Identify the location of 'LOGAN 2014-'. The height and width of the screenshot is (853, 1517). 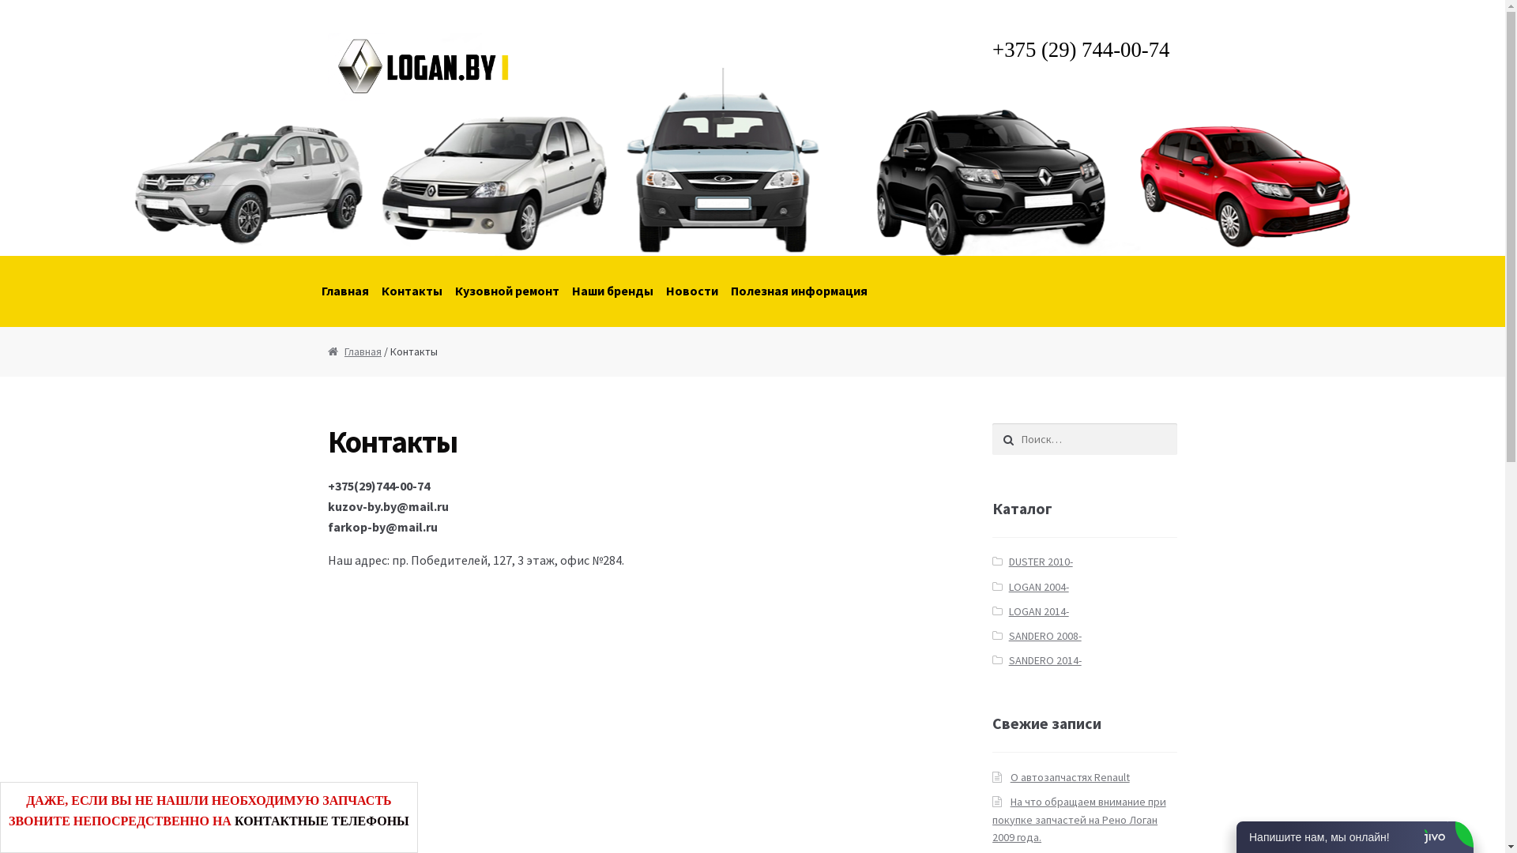
(1039, 611).